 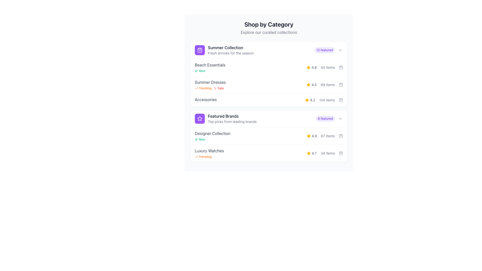 I want to click on the green-highlighted 'New' badge located directly below the 'Designer Collection' title in the 'Featured Brands' section, so click(x=212, y=139).